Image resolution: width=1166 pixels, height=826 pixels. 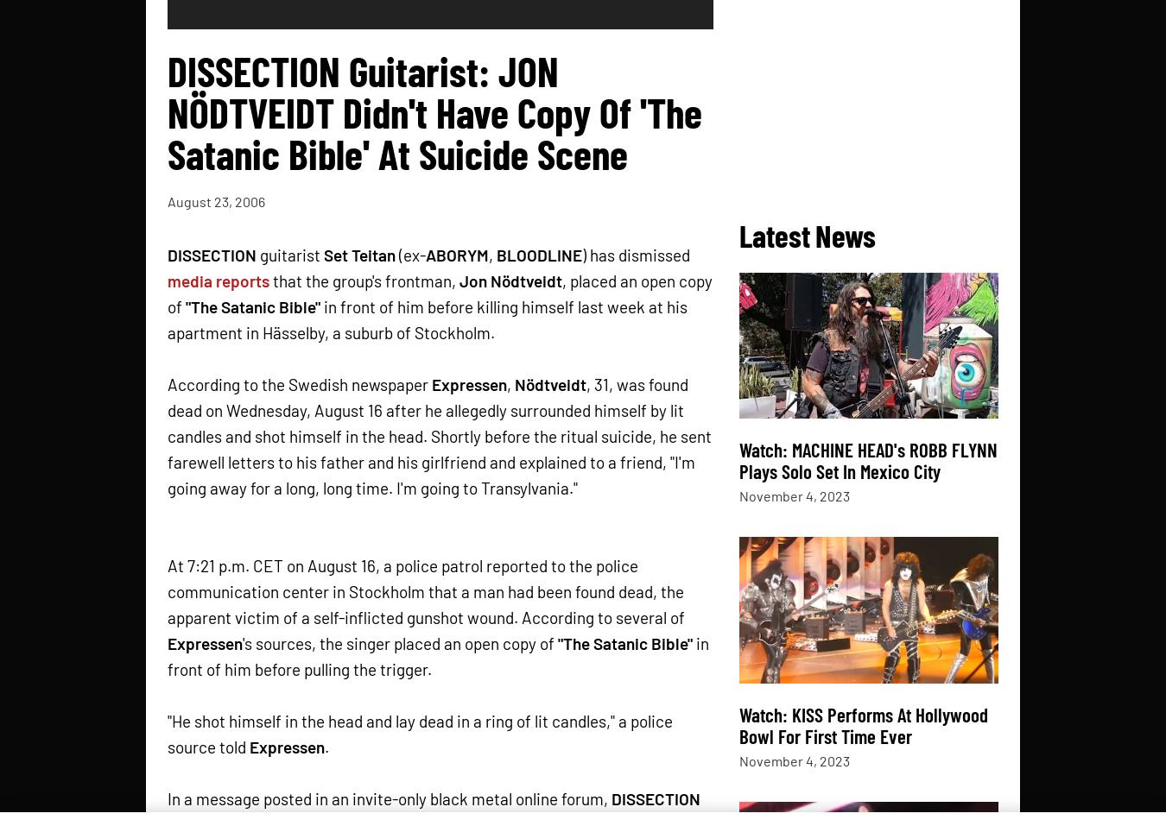 I want to click on 'At 7:21 p.m. CET on August 16, a police patrol reported to the police communication center in Stockholm that a man had been found dead, the apparent victim of a self-inflicted gunshot wound. According to several of', so click(x=425, y=590).